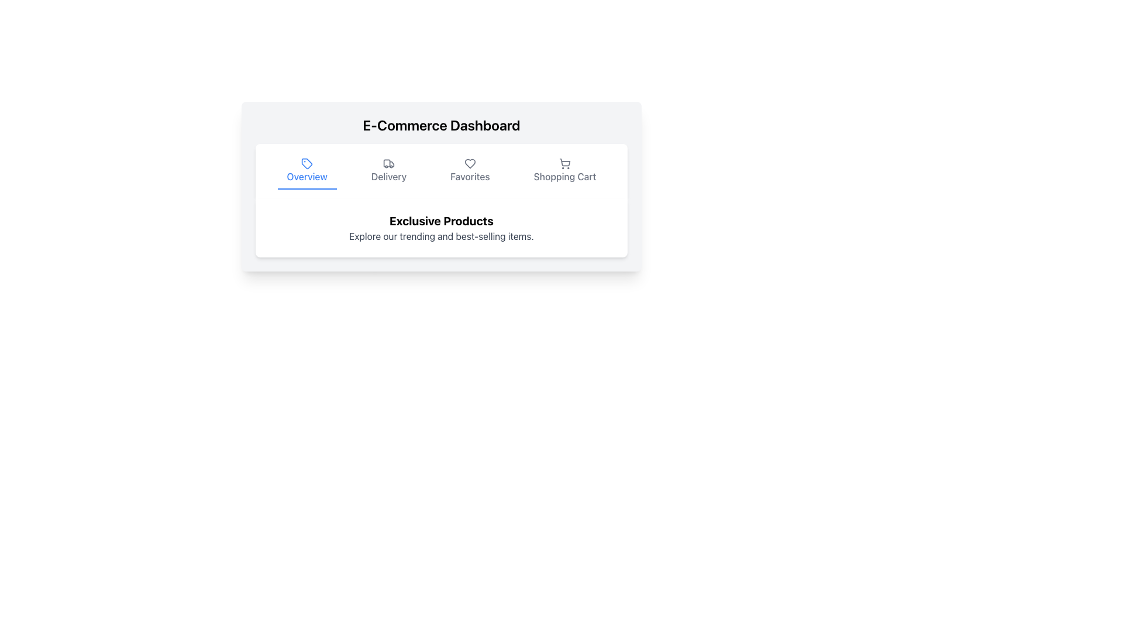 This screenshot has width=1123, height=632. I want to click on information contained in the text block serving as a section title and brief description for a product category, which is positioned beneath the navigation menu inside a white box with rounded corners, so click(440, 228).